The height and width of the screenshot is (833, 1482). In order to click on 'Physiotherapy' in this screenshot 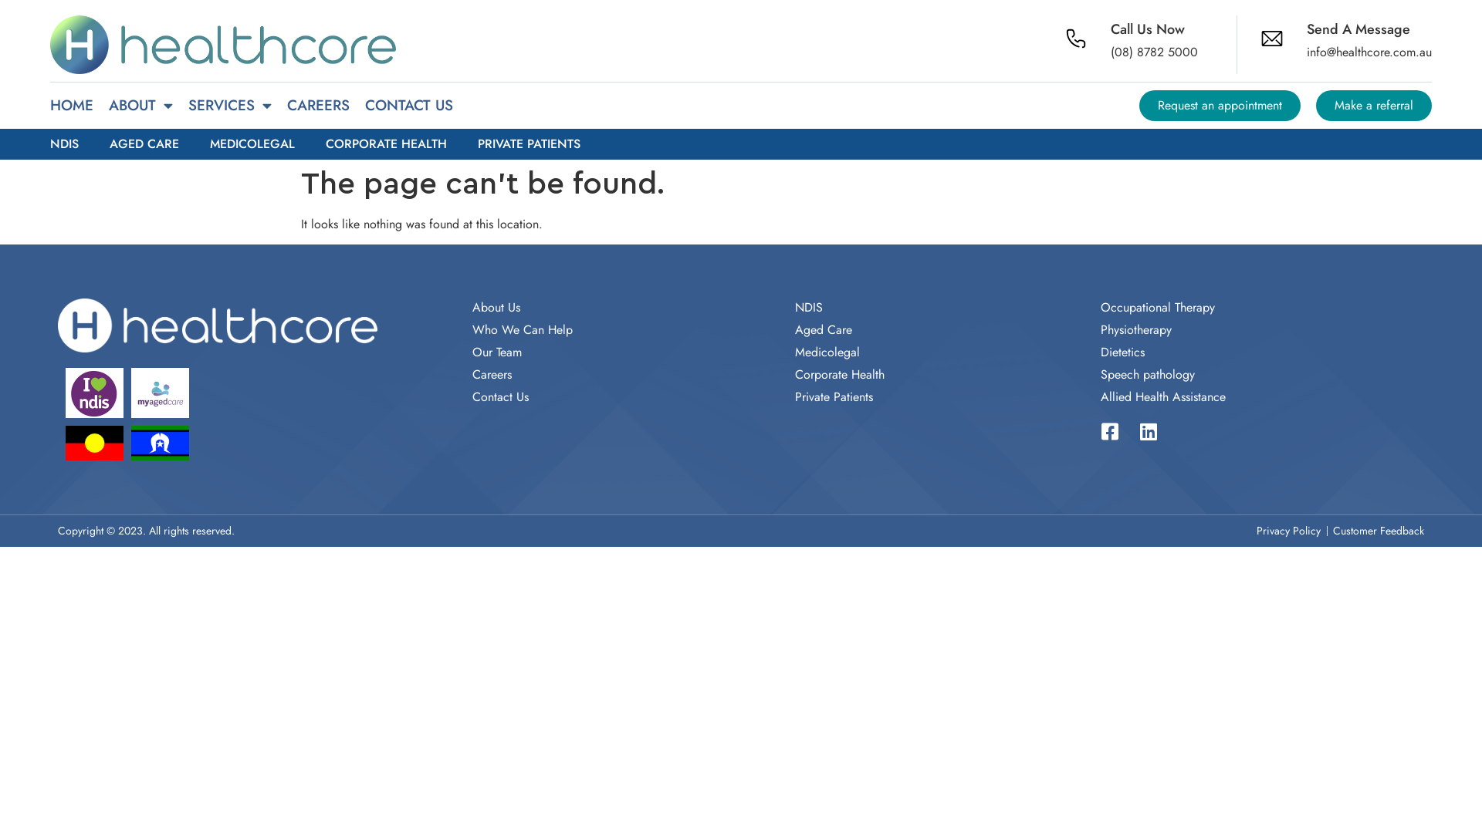, I will do `click(1136, 329)`.